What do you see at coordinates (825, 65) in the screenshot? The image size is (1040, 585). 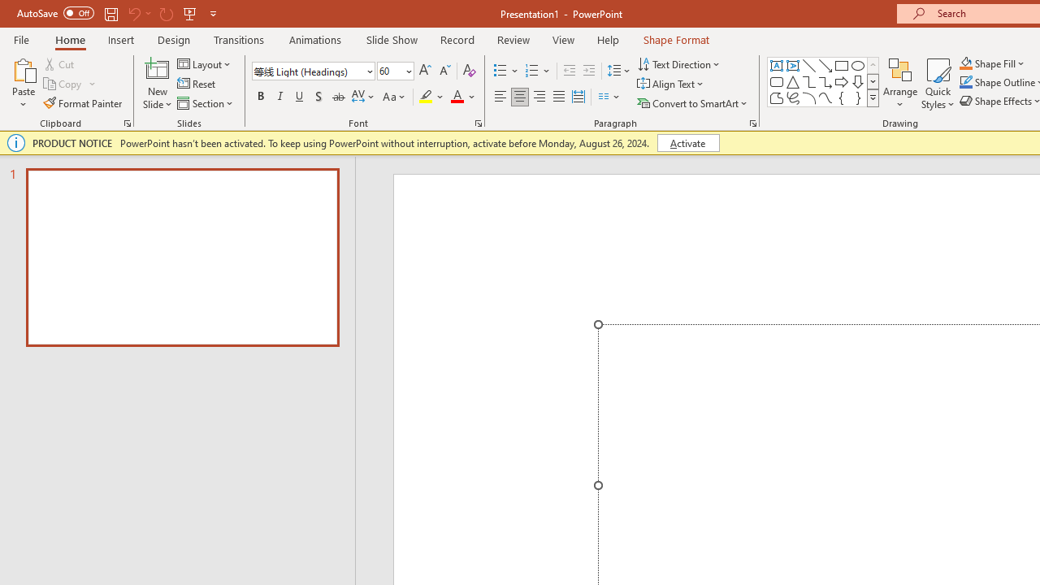 I see `'Line Arrow'` at bounding box center [825, 65].